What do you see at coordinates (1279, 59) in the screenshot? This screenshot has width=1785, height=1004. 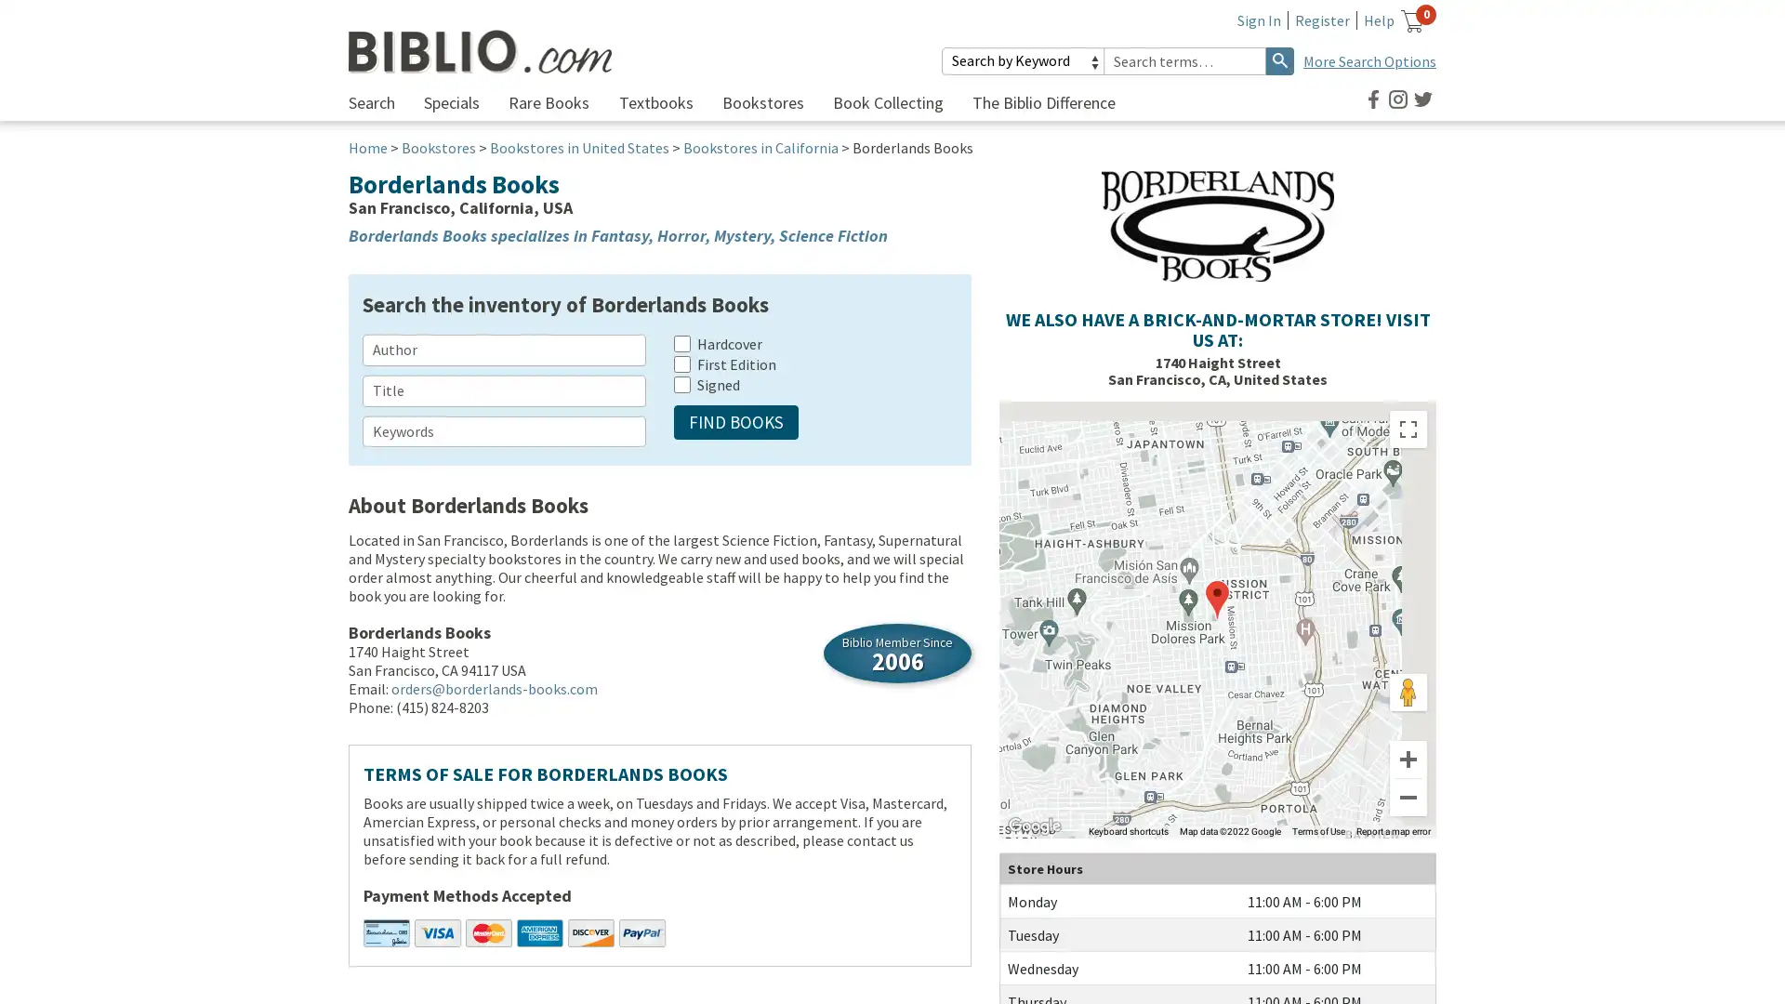 I see `Search` at bounding box center [1279, 59].